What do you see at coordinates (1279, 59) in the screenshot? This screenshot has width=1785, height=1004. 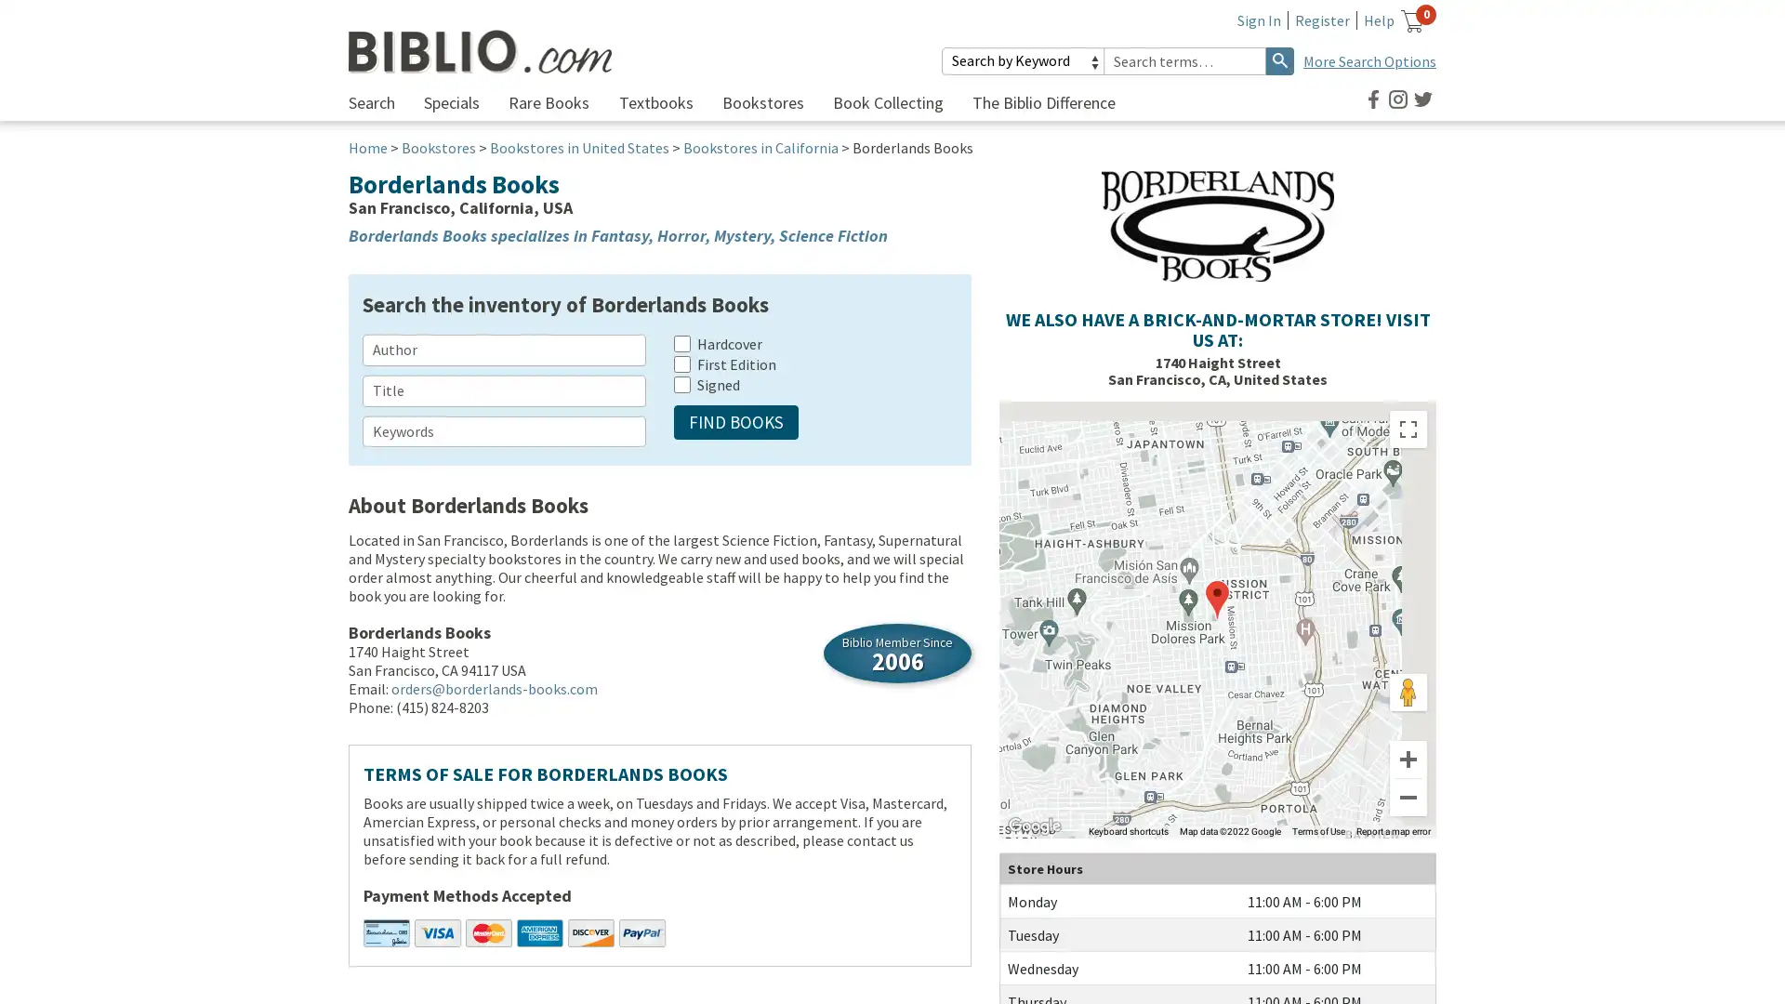 I see `Search` at bounding box center [1279, 59].